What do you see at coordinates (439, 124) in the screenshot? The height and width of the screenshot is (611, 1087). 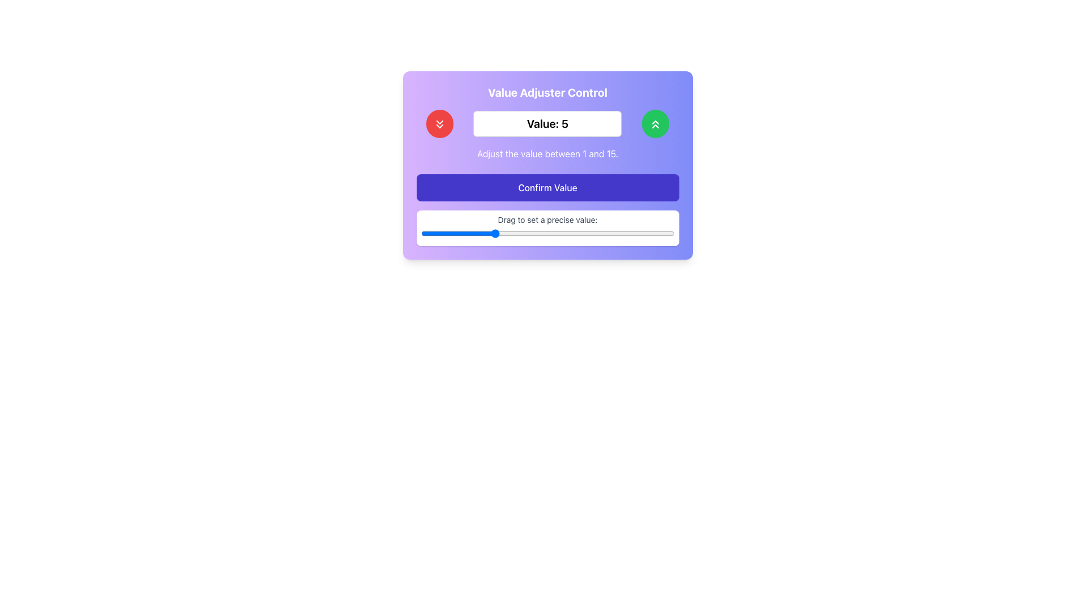 I see `the double-chevron downward icon rendered in white, located within a red circular button on the left-hand side of the value adjustment interface` at bounding box center [439, 124].